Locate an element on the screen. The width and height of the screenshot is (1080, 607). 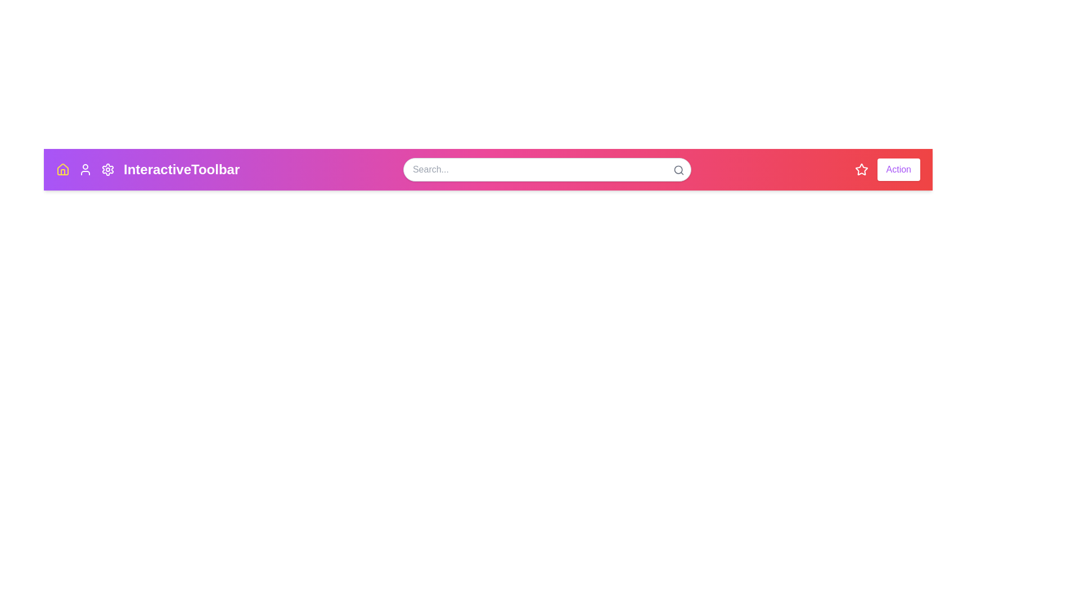
the Home icon to switch the active tab is located at coordinates (62, 169).